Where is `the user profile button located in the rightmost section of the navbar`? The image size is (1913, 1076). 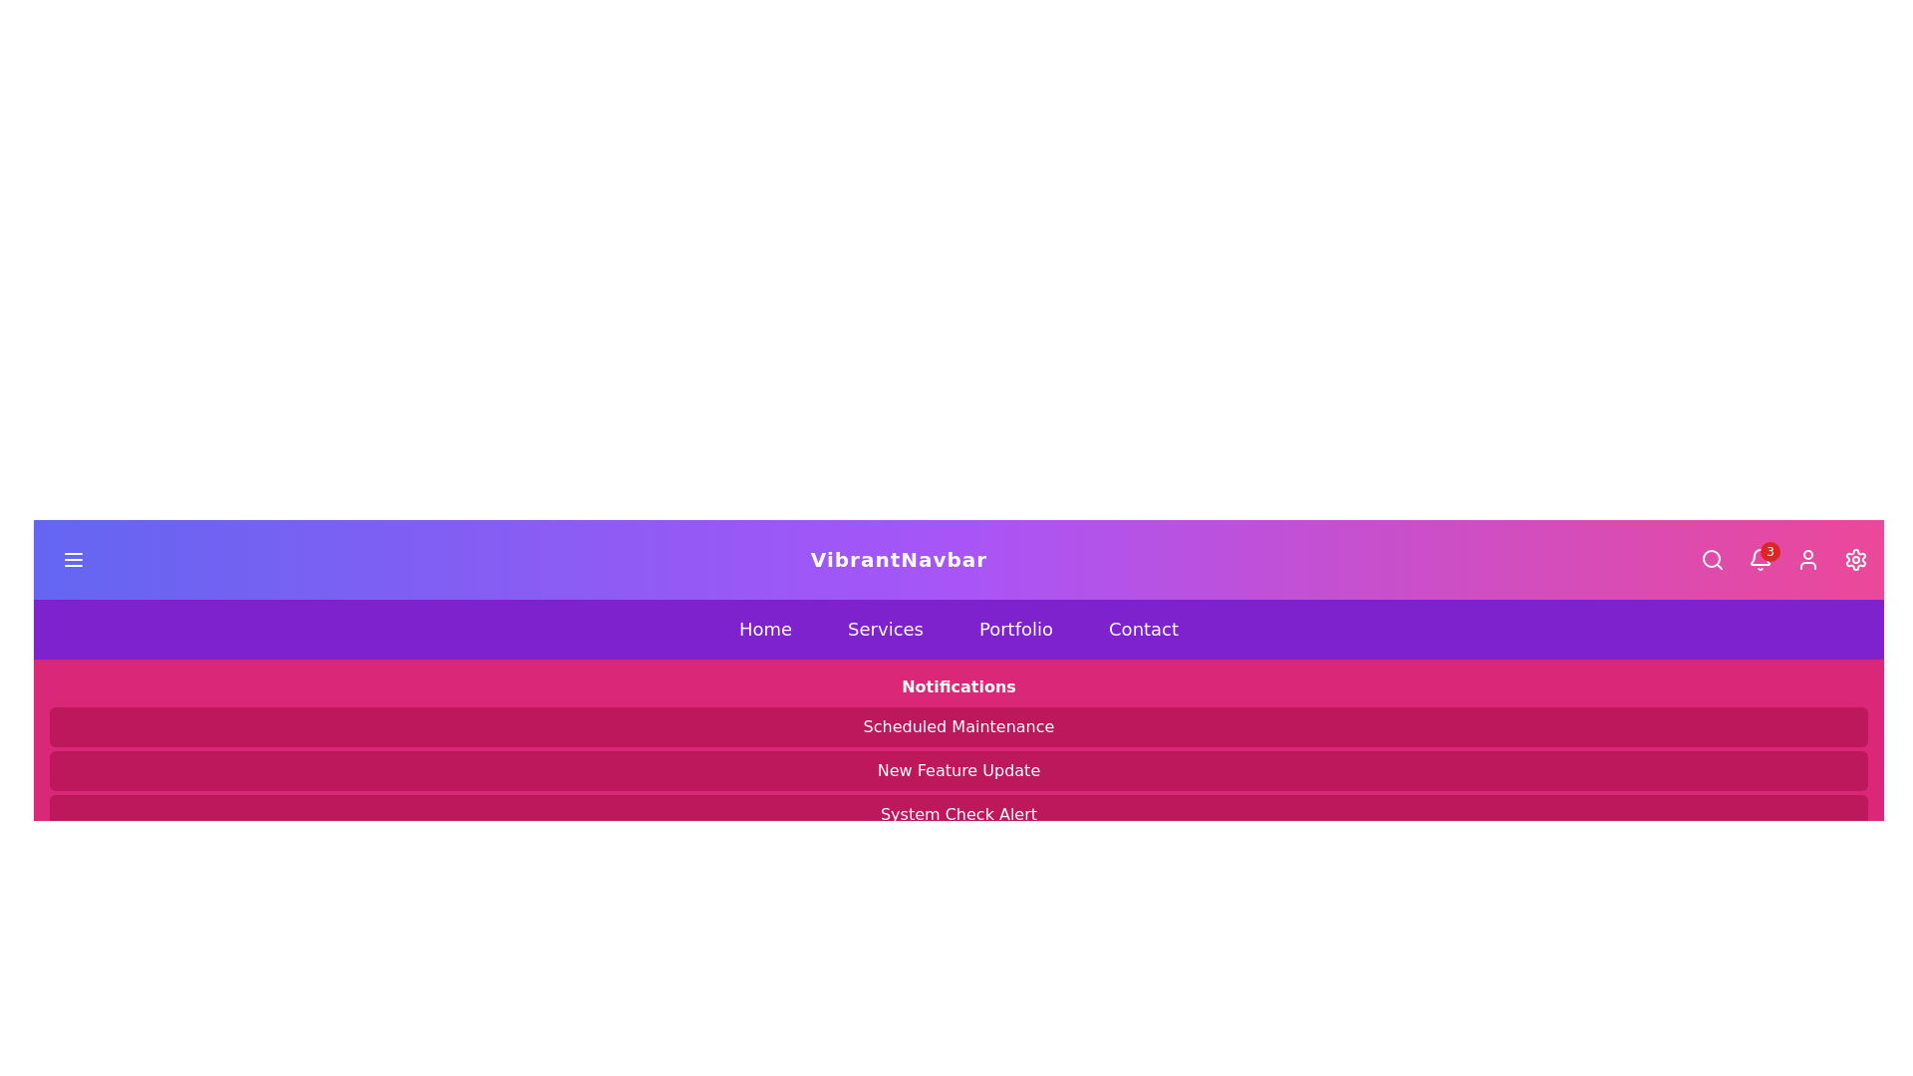 the user profile button located in the rightmost section of the navbar is located at coordinates (1807, 560).